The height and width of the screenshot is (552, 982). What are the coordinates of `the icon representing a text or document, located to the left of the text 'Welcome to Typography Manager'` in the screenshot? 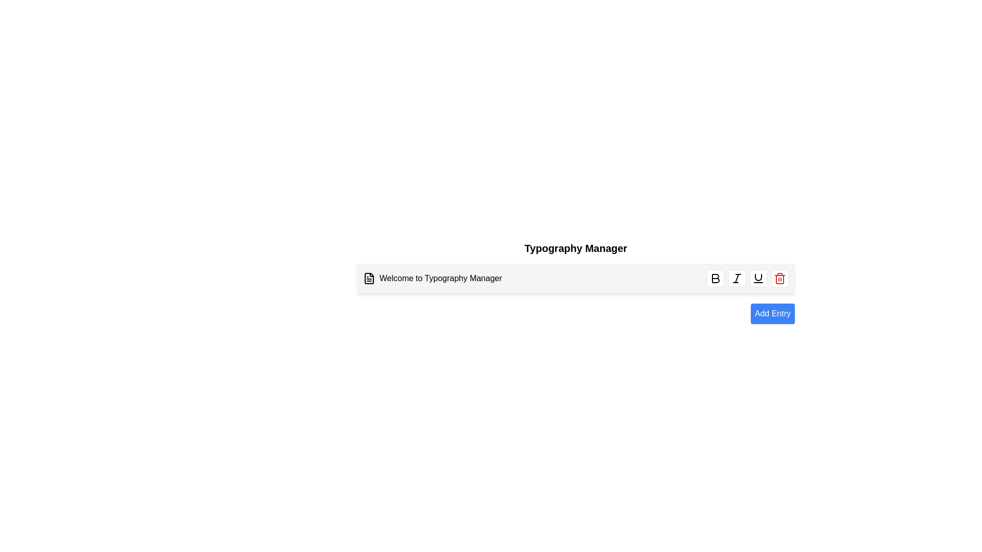 It's located at (368, 278).